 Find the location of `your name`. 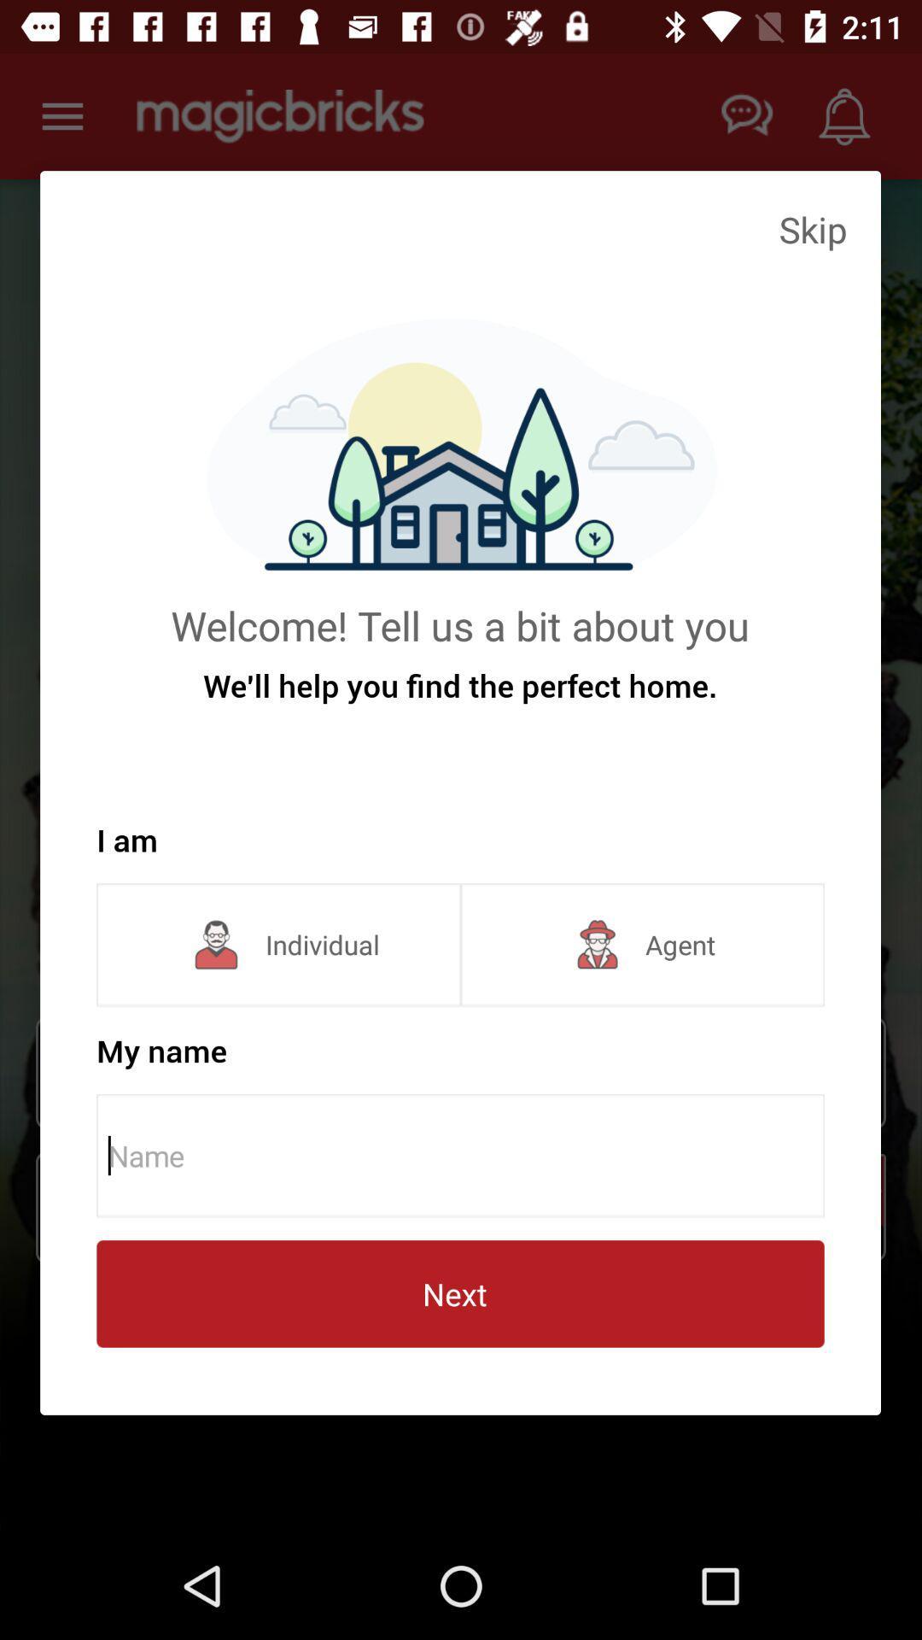

your name is located at coordinates (466, 1156).